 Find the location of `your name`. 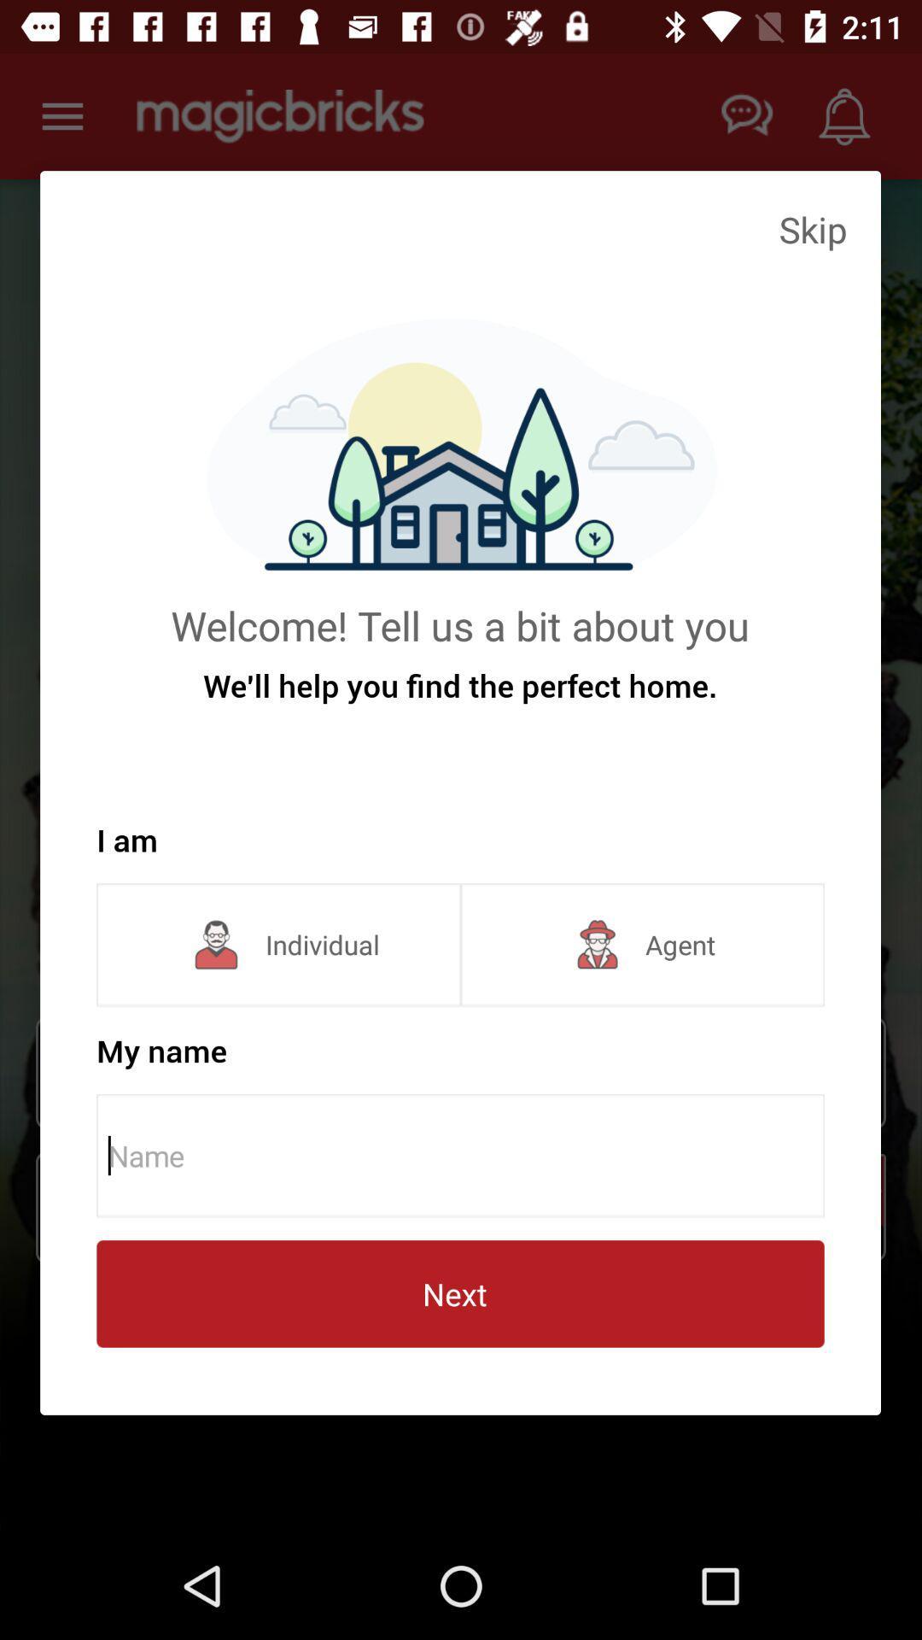

your name is located at coordinates (466, 1156).